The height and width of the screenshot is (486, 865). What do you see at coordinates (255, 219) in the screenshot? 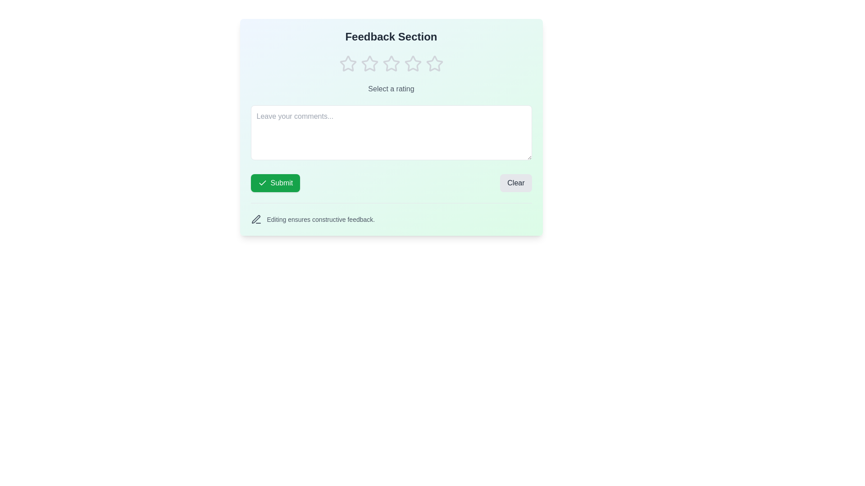
I see `the editing or modification icon located near the bottom right corner of the feedback section` at bounding box center [255, 219].